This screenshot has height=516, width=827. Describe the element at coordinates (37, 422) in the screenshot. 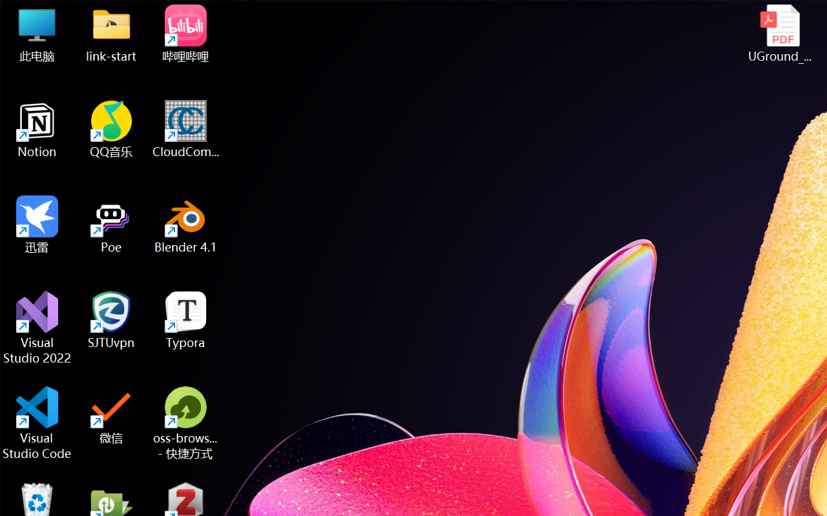

I see `'Visual Studio Code'` at that location.